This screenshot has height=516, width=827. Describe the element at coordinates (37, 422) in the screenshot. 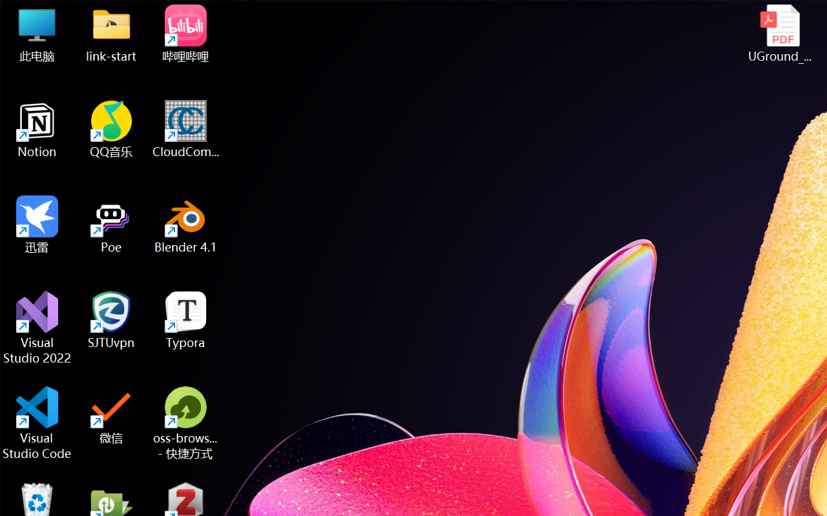

I see `'Visual Studio Code'` at that location.